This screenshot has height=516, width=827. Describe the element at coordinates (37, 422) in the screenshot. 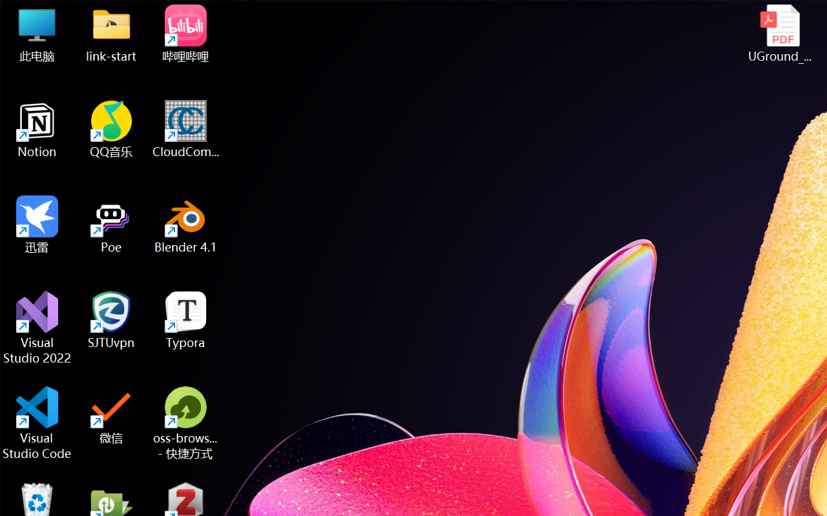

I see `'Visual Studio Code'` at that location.